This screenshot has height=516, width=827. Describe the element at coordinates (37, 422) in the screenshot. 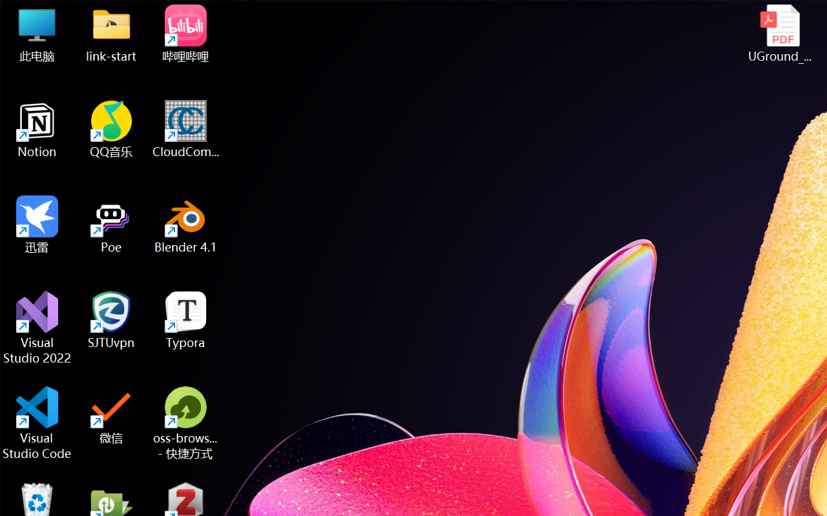

I see `'Visual Studio Code'` at that location.